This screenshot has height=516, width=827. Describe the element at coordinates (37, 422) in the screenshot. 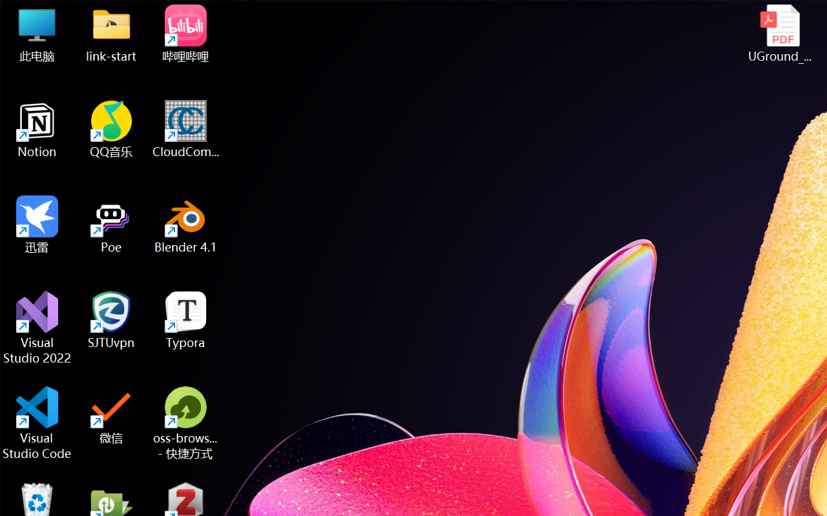

I see `'Visual Studio Code'` at that location.